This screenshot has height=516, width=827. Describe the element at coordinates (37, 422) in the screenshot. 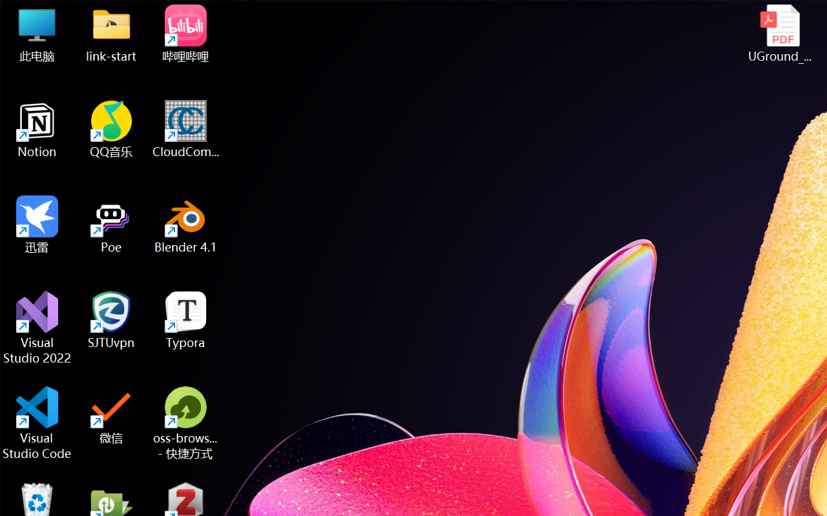

I see `'Visual Studio Code'` at that location.